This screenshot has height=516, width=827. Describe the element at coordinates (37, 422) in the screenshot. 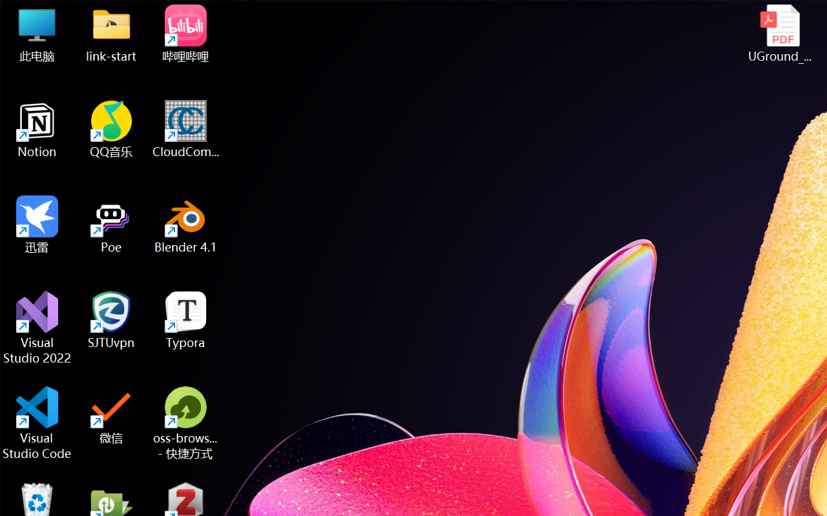

I see `'Visual Studio Code'` at that location.